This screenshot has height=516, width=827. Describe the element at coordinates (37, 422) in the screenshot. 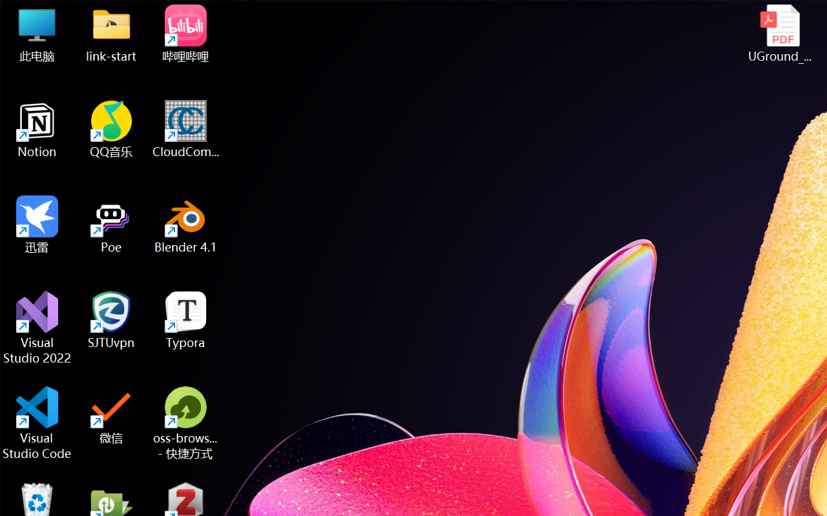

I see `'Visual Studio Code'` at that location.